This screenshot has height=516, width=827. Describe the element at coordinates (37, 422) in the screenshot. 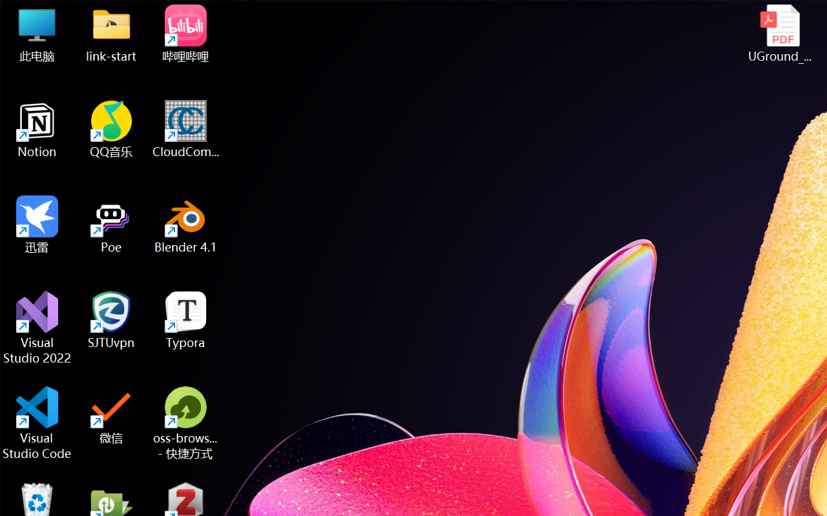

I see `'Visual Studio Code'` at that location.